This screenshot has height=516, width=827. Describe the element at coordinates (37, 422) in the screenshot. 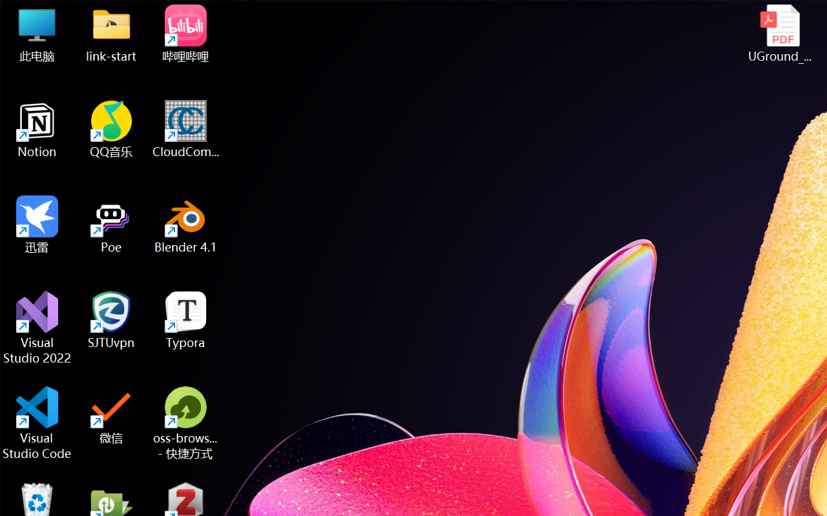

I see `'Visual Studio Code'` at that location.